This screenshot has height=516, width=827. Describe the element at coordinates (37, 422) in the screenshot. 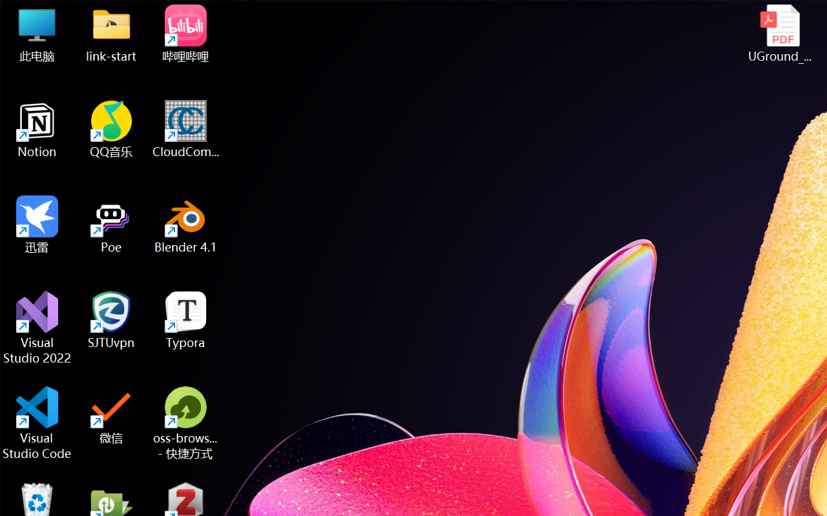

I see `'Visual Studio Code'` at that location.